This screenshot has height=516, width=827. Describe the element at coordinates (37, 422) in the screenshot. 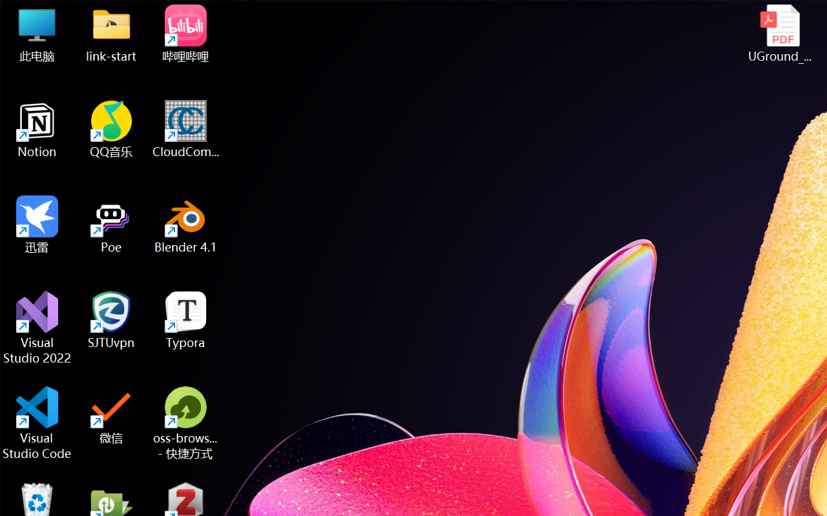

I see `'Visual Studio Code'` at that location.